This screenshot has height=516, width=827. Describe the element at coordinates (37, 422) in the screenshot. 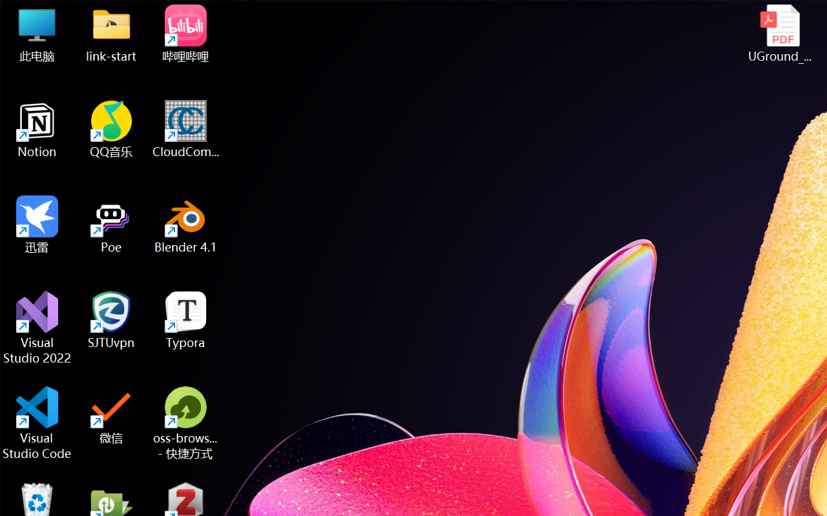

I see `'Visual Studio Code'` at that location.